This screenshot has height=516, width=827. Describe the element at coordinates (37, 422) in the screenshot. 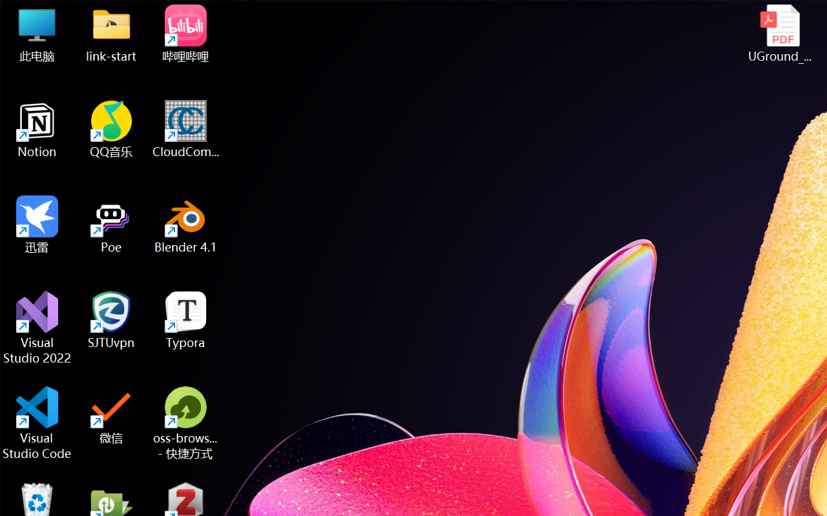

I see `'Visual Studio Code'` at that location.